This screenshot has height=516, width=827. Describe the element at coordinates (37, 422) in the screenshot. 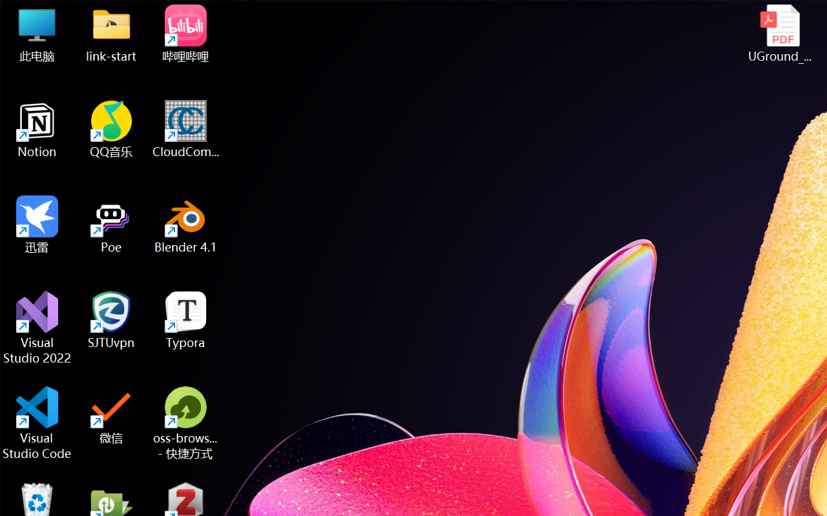

I see `'Visual Studio Code'` at that location.